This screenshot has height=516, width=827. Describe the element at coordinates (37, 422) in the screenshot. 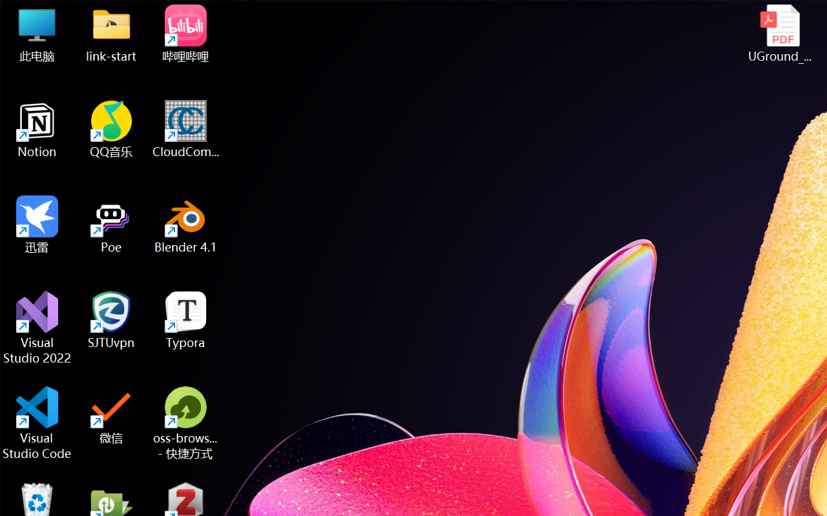

I see `'Visual Studio Code'` at that location.